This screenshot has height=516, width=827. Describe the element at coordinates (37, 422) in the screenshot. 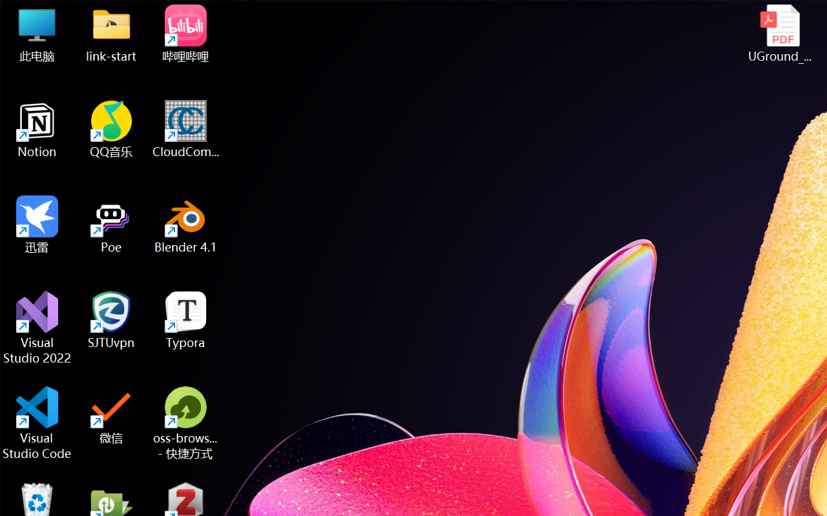

I see `'Visual Studio Code'` at that location.